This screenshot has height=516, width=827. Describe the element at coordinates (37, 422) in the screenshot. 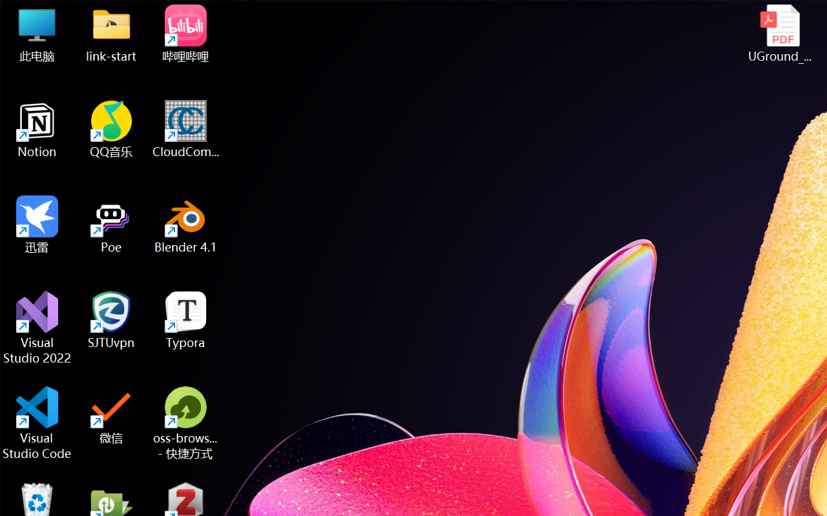

I see `'Visual Studio Code'` at that location.